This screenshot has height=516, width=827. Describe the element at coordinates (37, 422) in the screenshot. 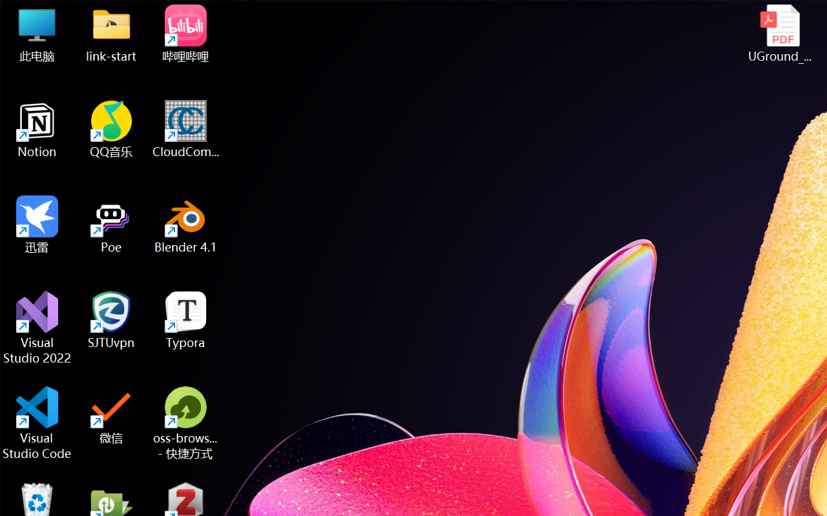

I see `'Visual Studio Code'` at that location.